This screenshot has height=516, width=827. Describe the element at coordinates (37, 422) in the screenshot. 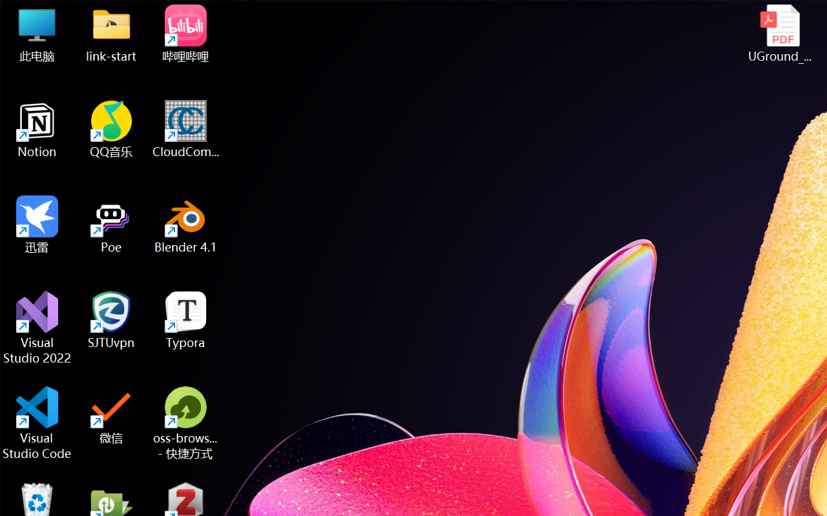

I see `'Visual Studio Code'` at that location.